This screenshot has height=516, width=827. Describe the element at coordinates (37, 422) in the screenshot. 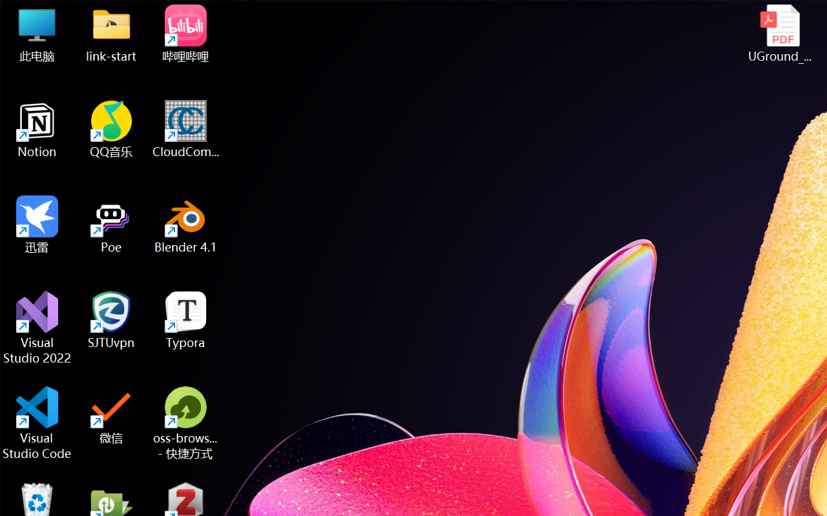

I see `'Visual Studio Code'` at that location.